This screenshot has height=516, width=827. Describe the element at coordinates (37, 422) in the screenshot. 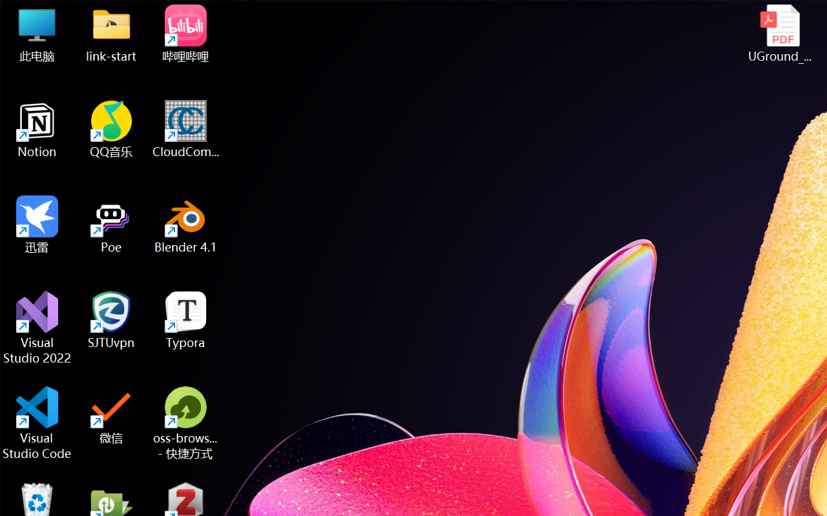

I see `'Visual Studio Code'` at that location.